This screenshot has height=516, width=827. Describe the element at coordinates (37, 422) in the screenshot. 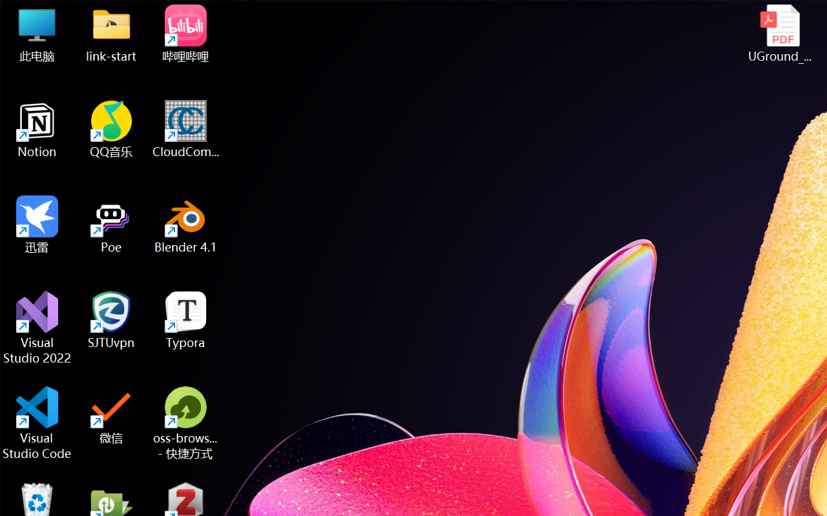

I see `'Visual Studio Code'` at that location.